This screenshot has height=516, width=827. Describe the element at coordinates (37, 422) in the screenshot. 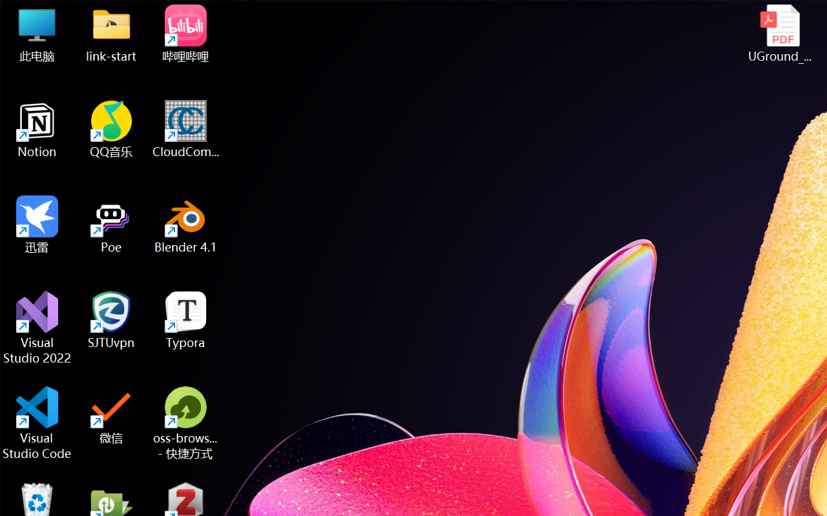

I see `'Visual Studio Code'` at that location.